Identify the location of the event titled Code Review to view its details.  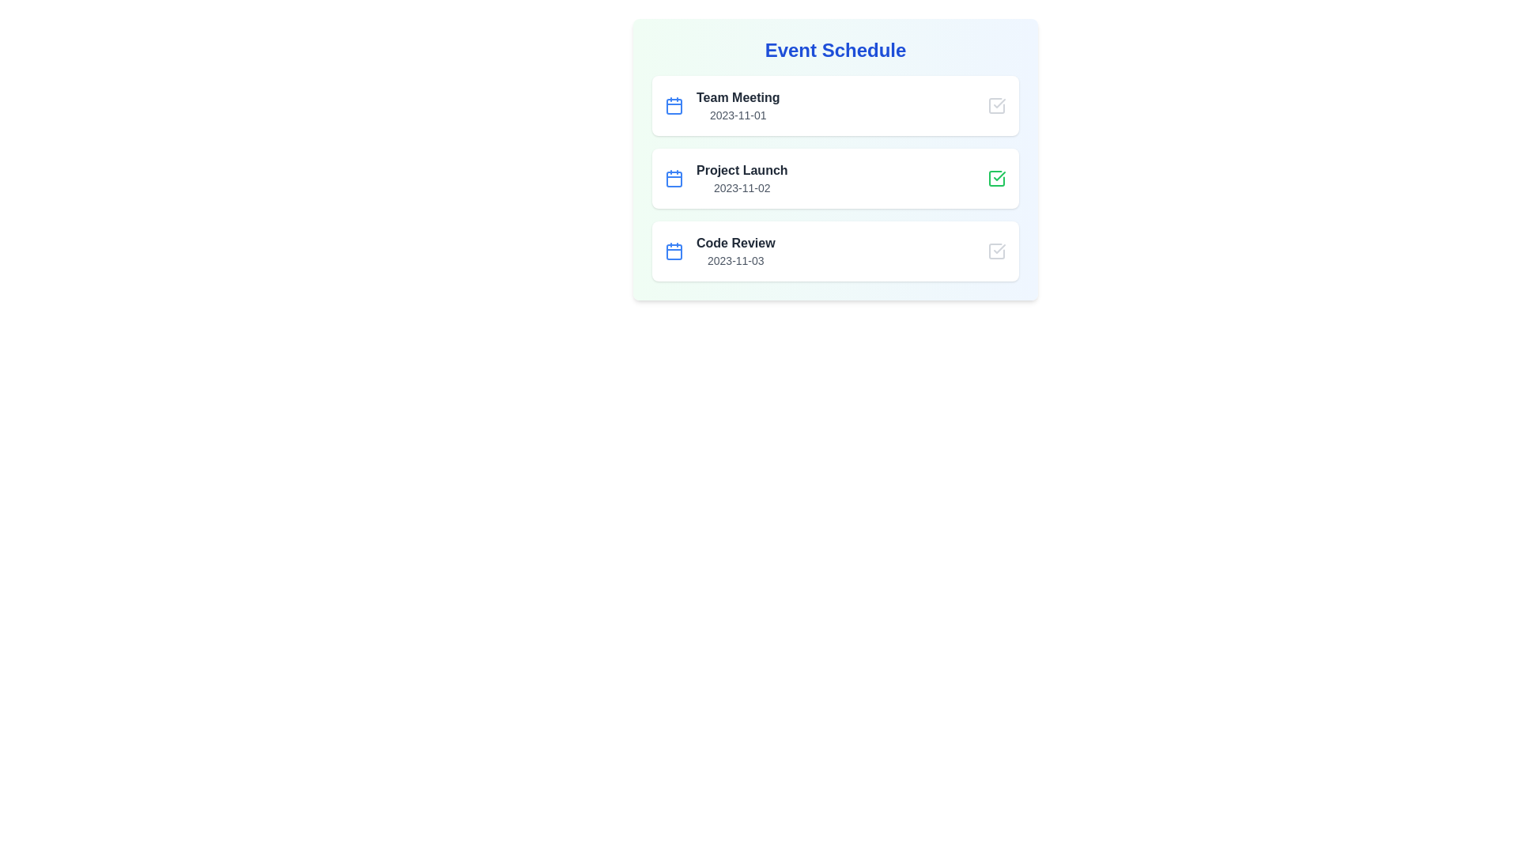
(734, 244).